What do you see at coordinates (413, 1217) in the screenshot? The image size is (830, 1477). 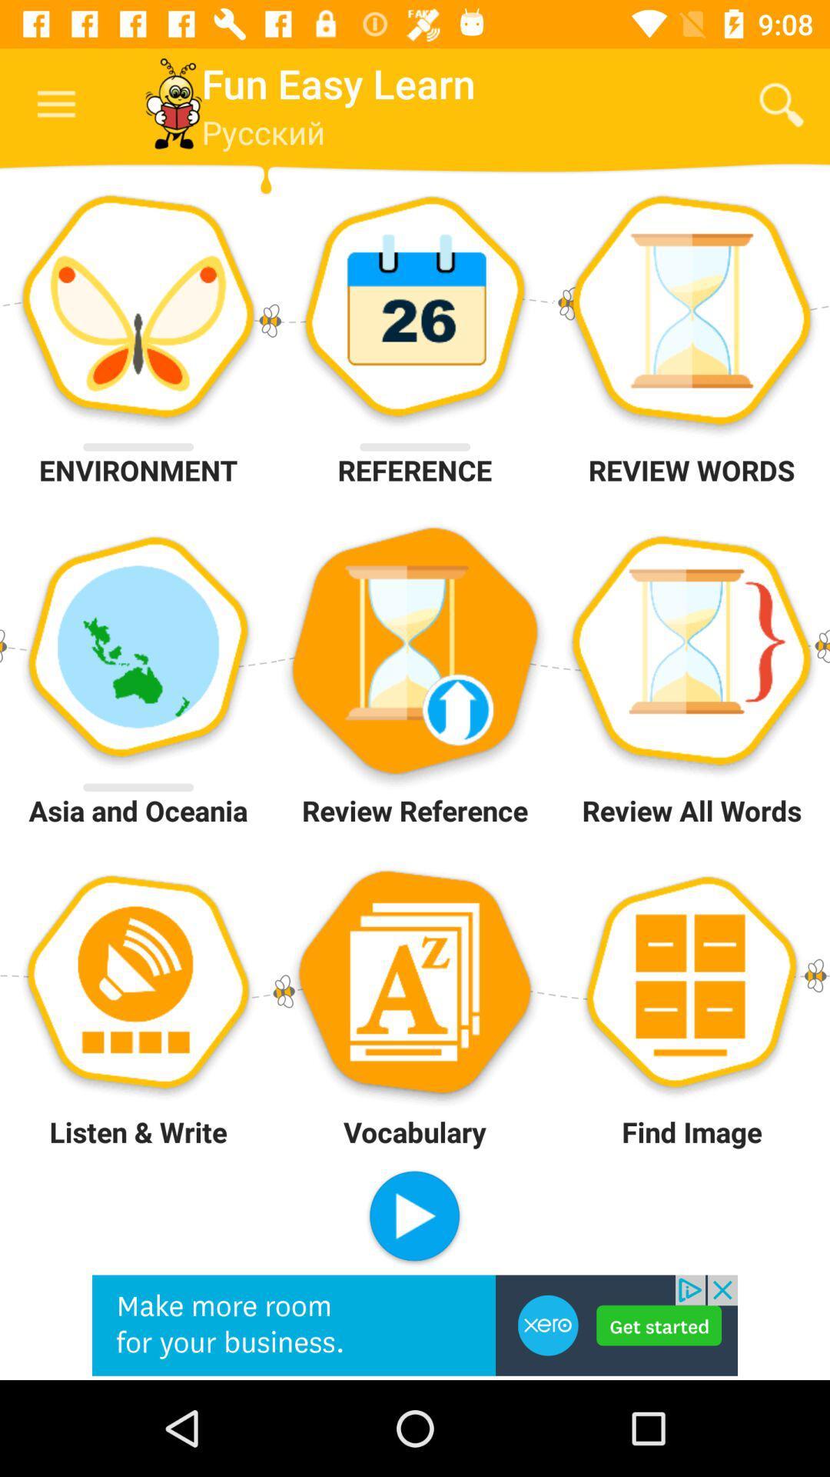 I see `the play icon` at bounding box center [413, 1217].